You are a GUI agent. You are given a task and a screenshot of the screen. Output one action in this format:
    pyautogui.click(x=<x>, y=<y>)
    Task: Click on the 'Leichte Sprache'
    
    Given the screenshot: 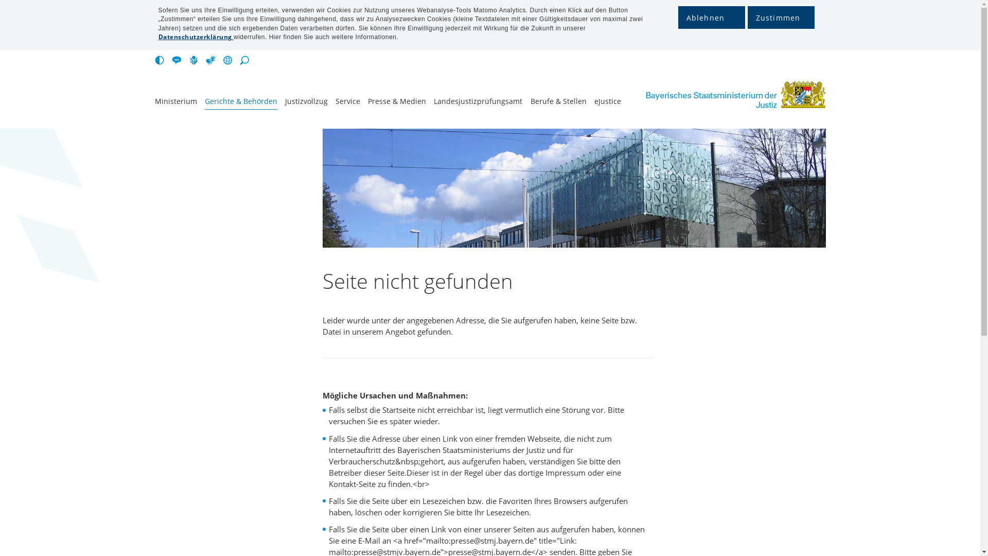 What is the action you would take?
    pyautogui.click(x=196, y=60)
    